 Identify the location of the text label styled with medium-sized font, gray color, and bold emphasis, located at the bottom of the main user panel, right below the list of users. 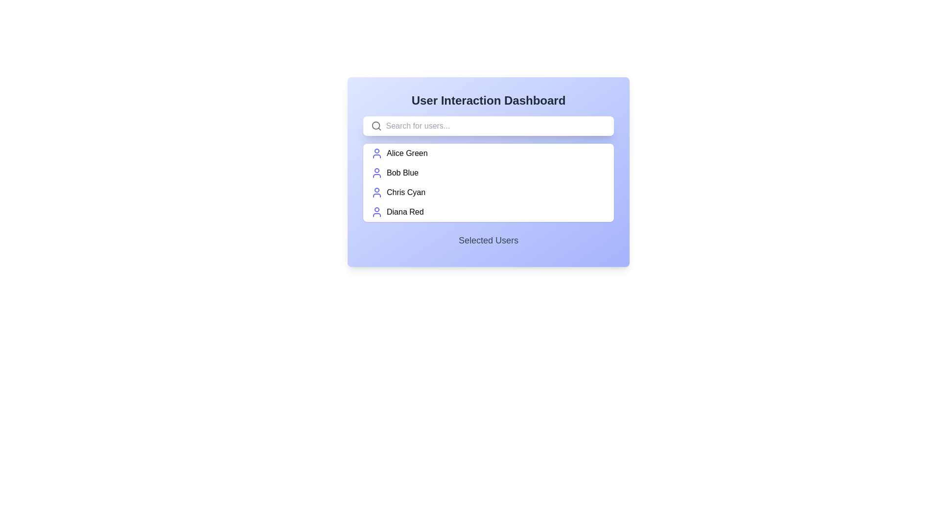
(489, 241).